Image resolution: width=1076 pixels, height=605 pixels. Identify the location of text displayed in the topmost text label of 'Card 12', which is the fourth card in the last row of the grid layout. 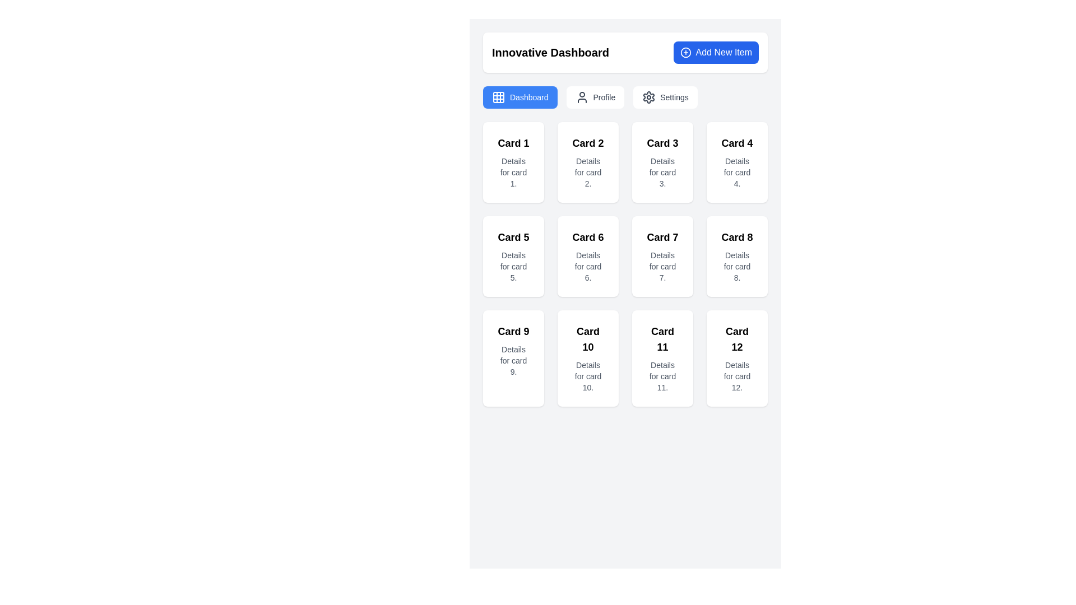
(737, 338).